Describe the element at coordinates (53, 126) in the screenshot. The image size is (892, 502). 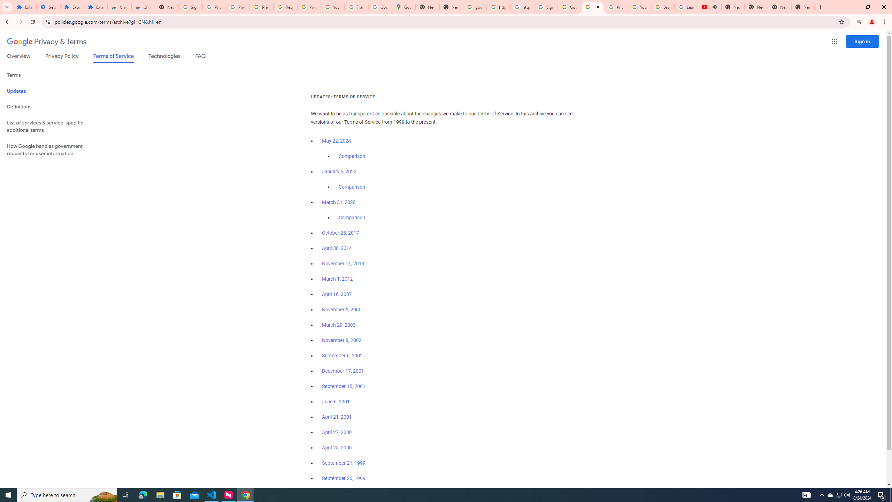
I see `'List of services & service-specific additional terms'` at that location.